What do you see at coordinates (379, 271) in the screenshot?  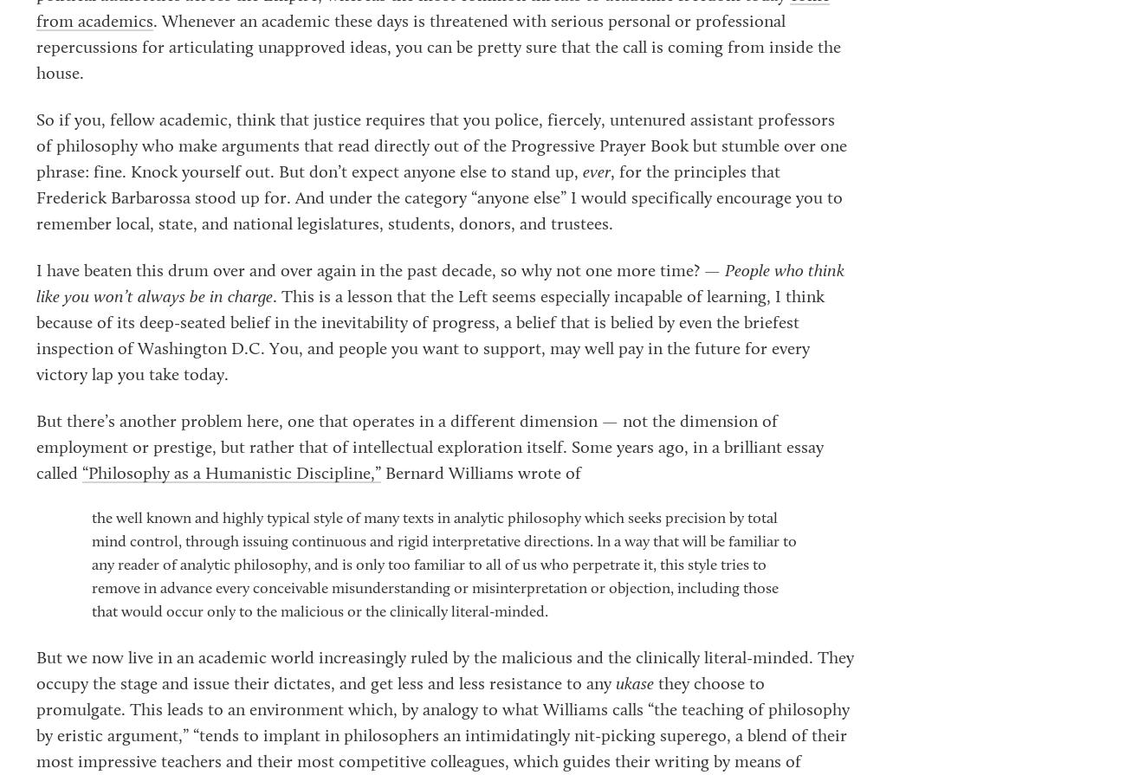 I see `'I have beaten this drum over and over again in the past decade, so why not one more time? —'` at bounding box center [379, 271].